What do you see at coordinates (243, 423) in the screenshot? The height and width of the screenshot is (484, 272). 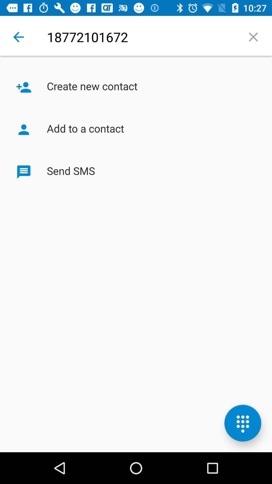 I see `the dialpad icon` at bounding box center [243, 423].